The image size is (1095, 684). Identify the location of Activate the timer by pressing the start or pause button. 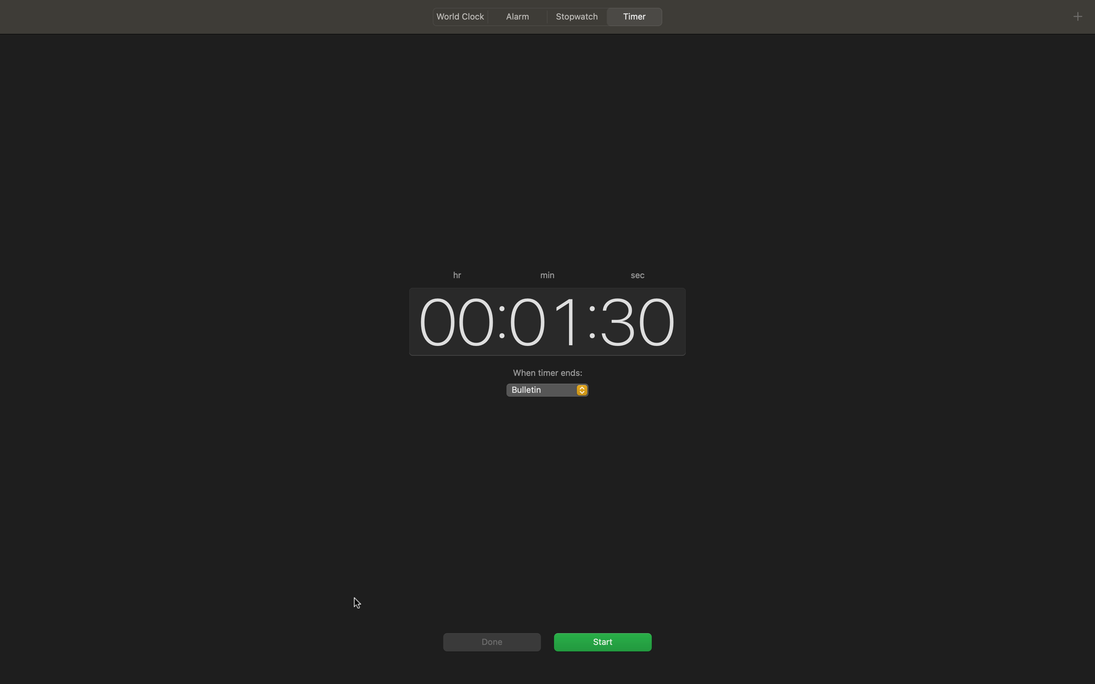
(602, 641).